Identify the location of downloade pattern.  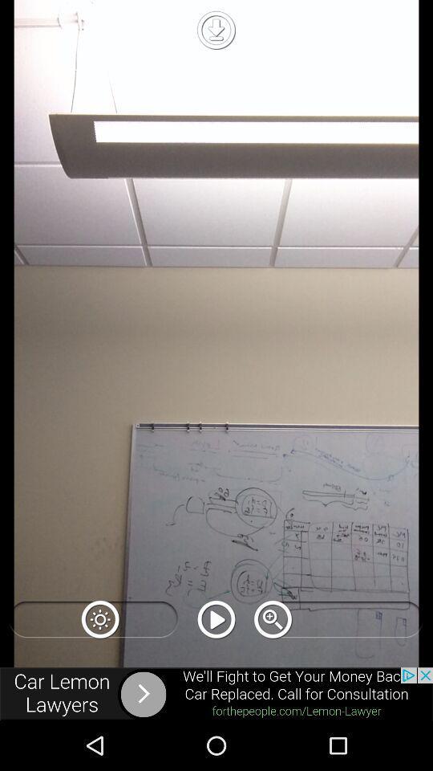
(216, 29).